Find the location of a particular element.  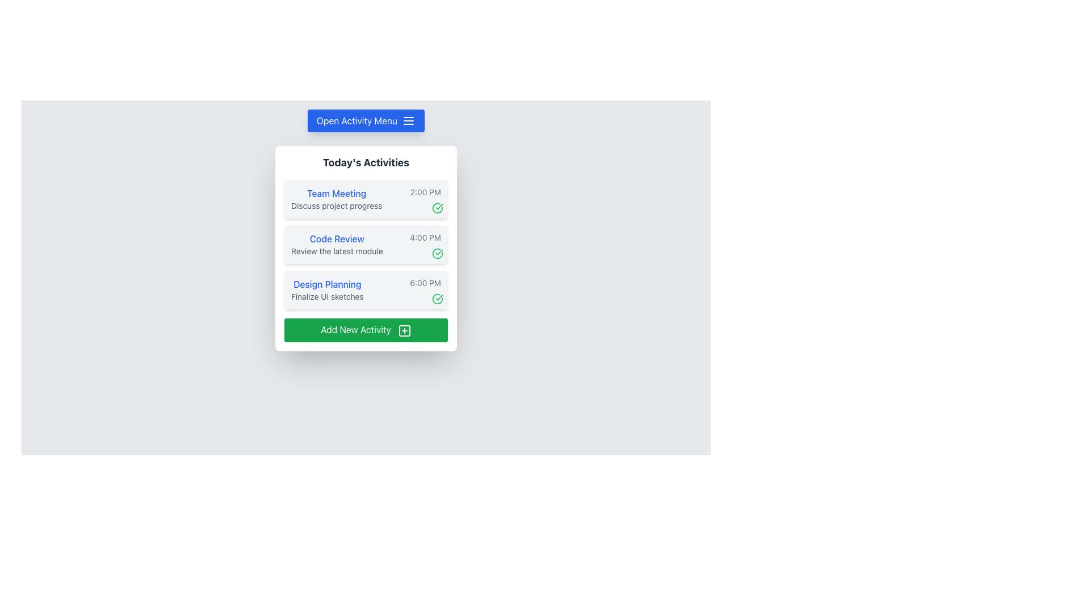

the first activity card titled 'Team Meeting' is located at coordinates (366, 199).